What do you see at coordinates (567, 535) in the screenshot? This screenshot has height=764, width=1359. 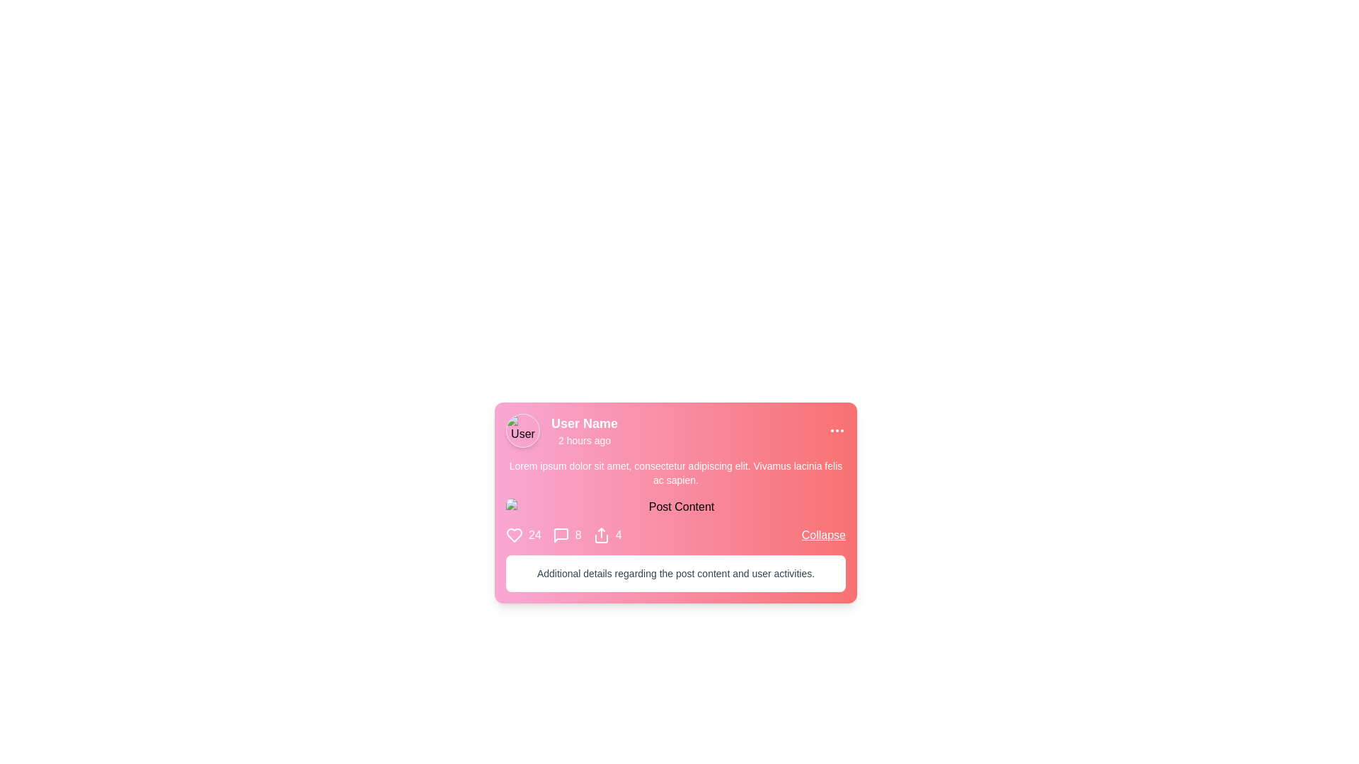 I see `the Interactive Comment Count Display, which shows the number '24' and is located between a heart icon and a share icon` at bounding box center [567, 535].